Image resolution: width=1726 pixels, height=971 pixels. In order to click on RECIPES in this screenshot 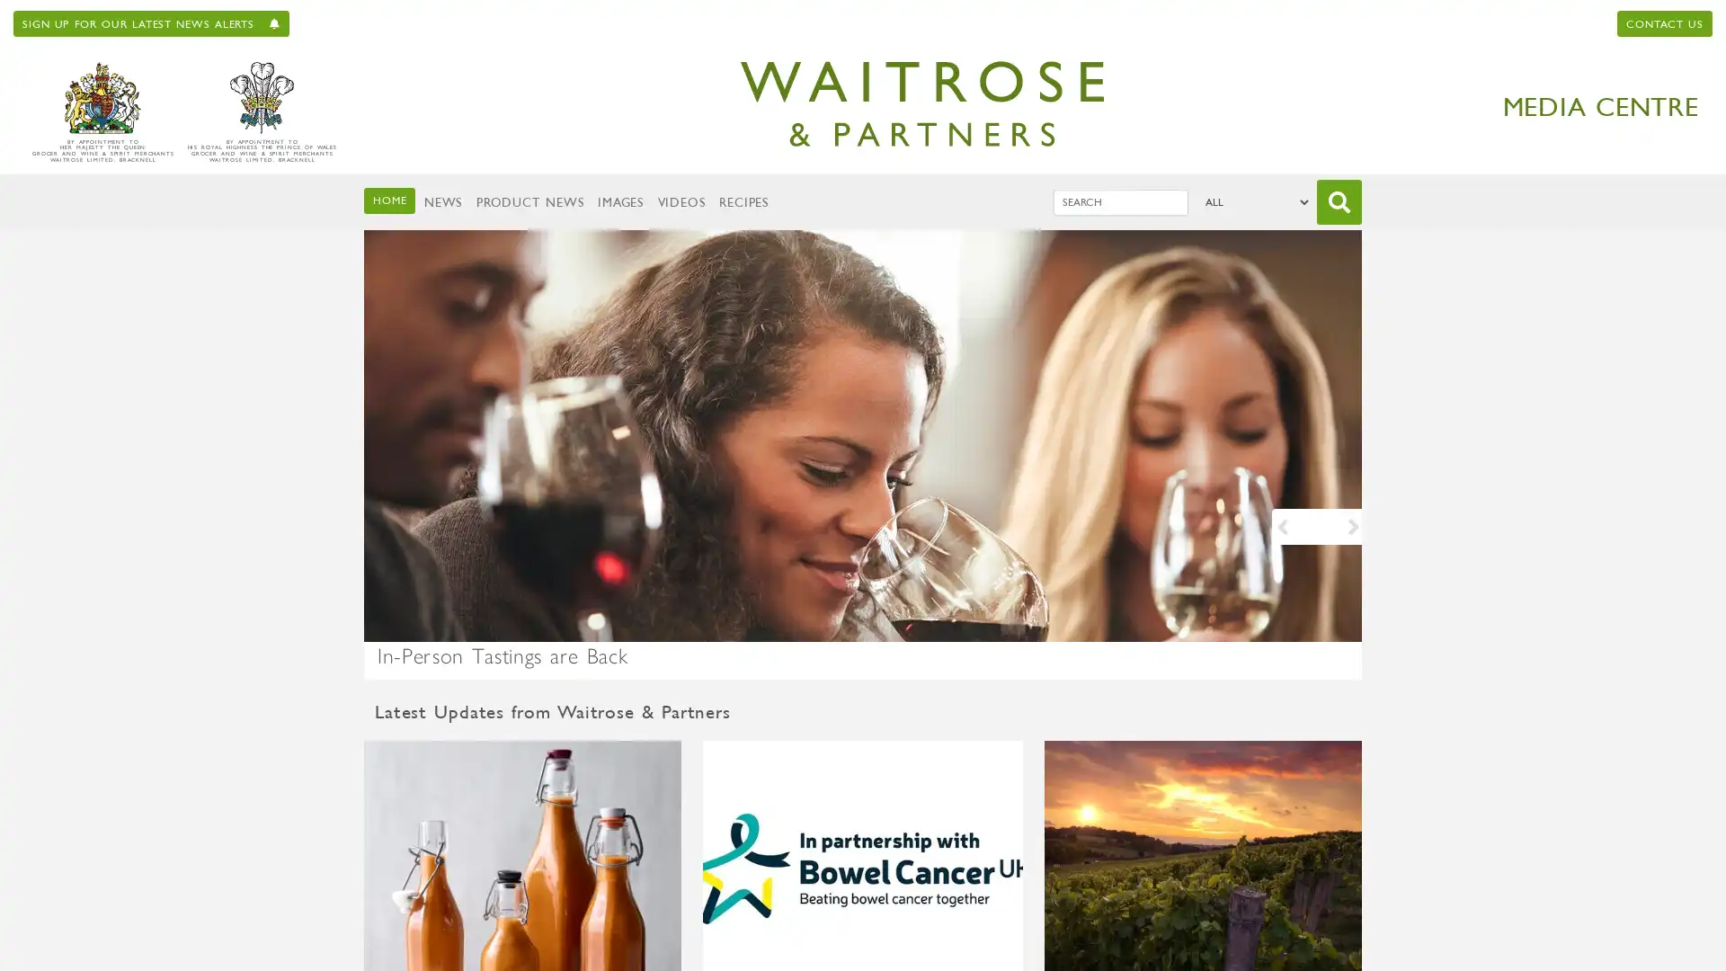, I will do `click(743, 201)`.